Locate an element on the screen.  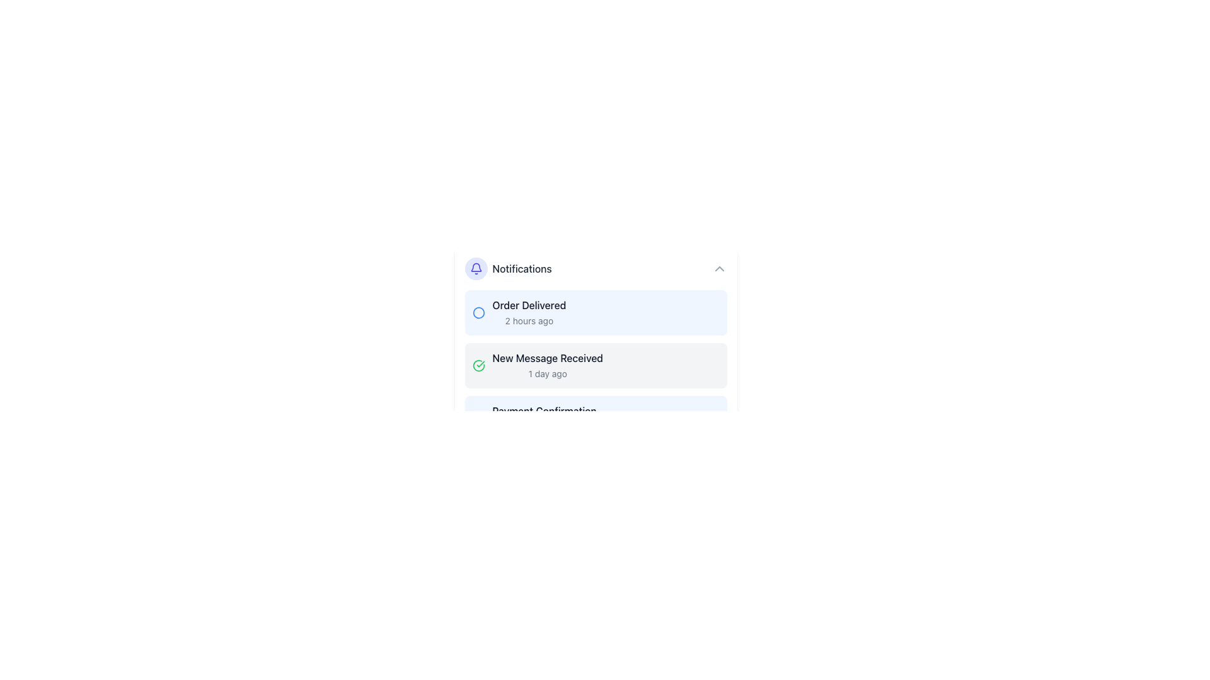
the second notification item in the Notifications section is located at coordinates (595, 366).